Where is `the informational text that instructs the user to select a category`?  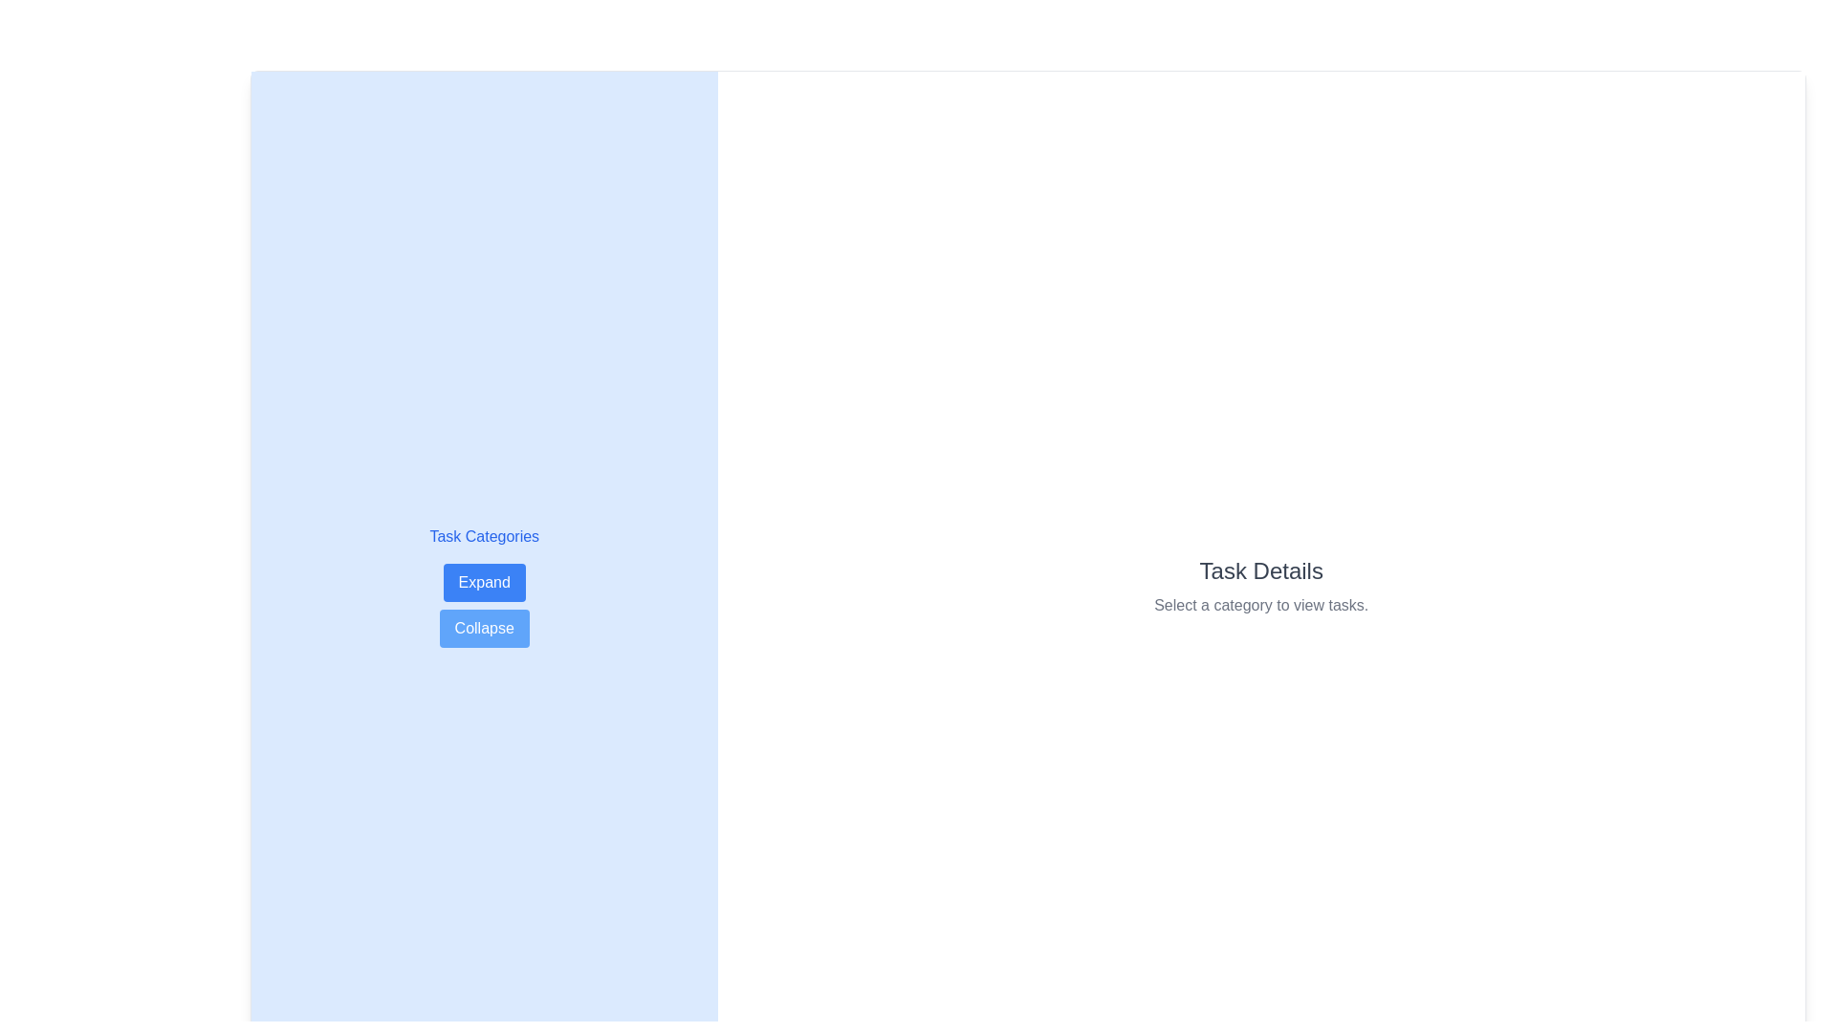 the informational text that instructs the user to select a category is located at coordinates (1261, 605).